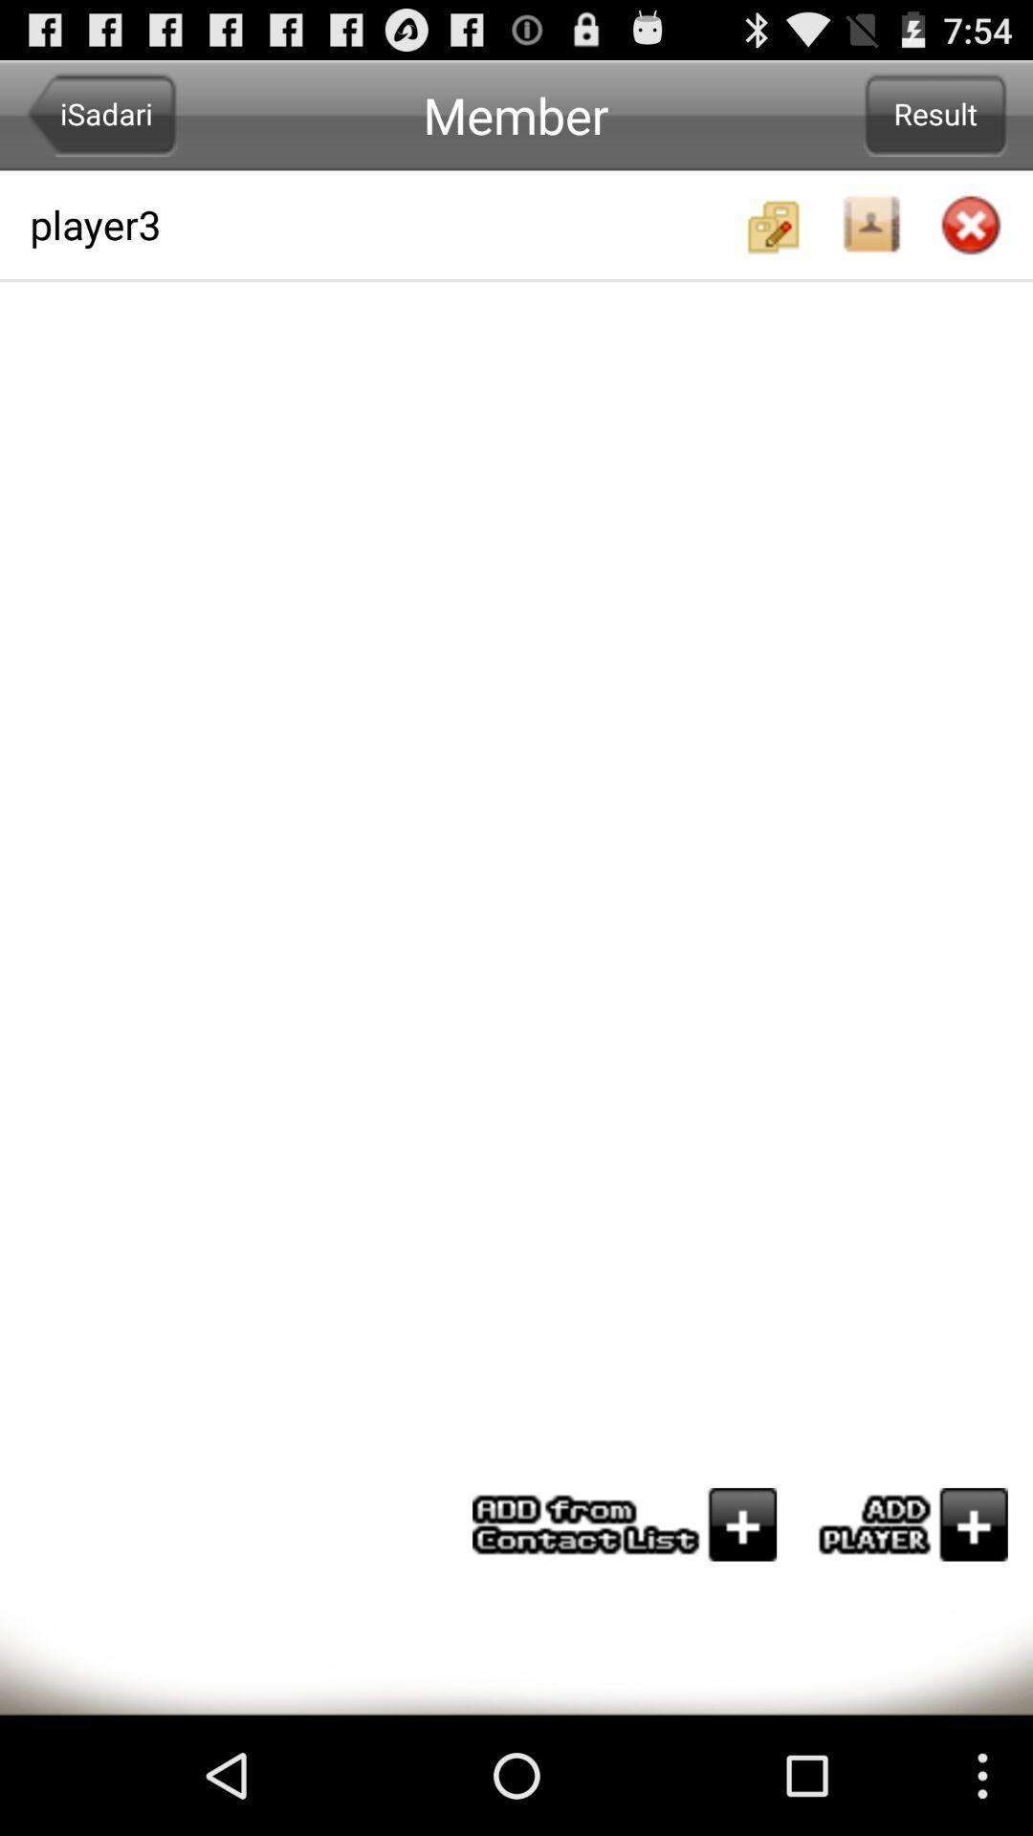 The width and height of the screenshot is (1033, 1836). I want to click on the result, so click(934, 114).